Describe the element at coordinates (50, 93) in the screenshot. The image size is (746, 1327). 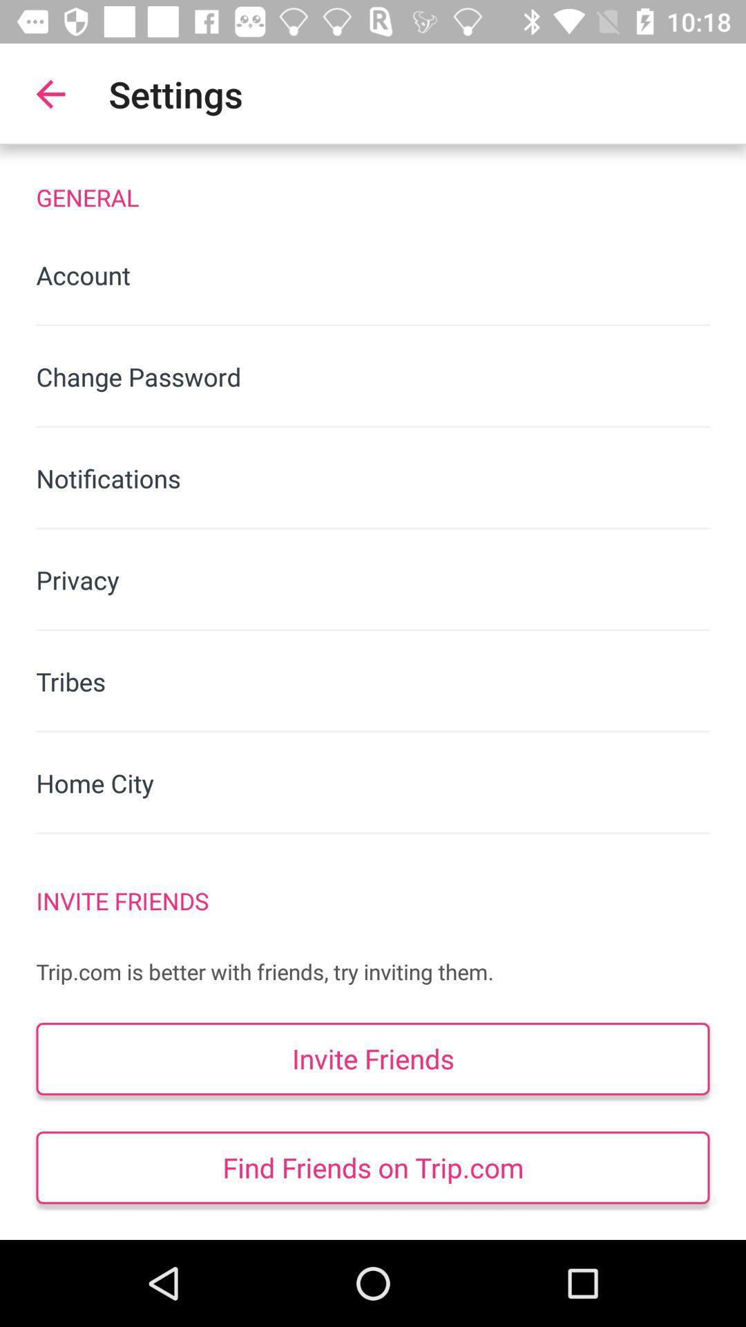
I see `the icon above general item` at that location.